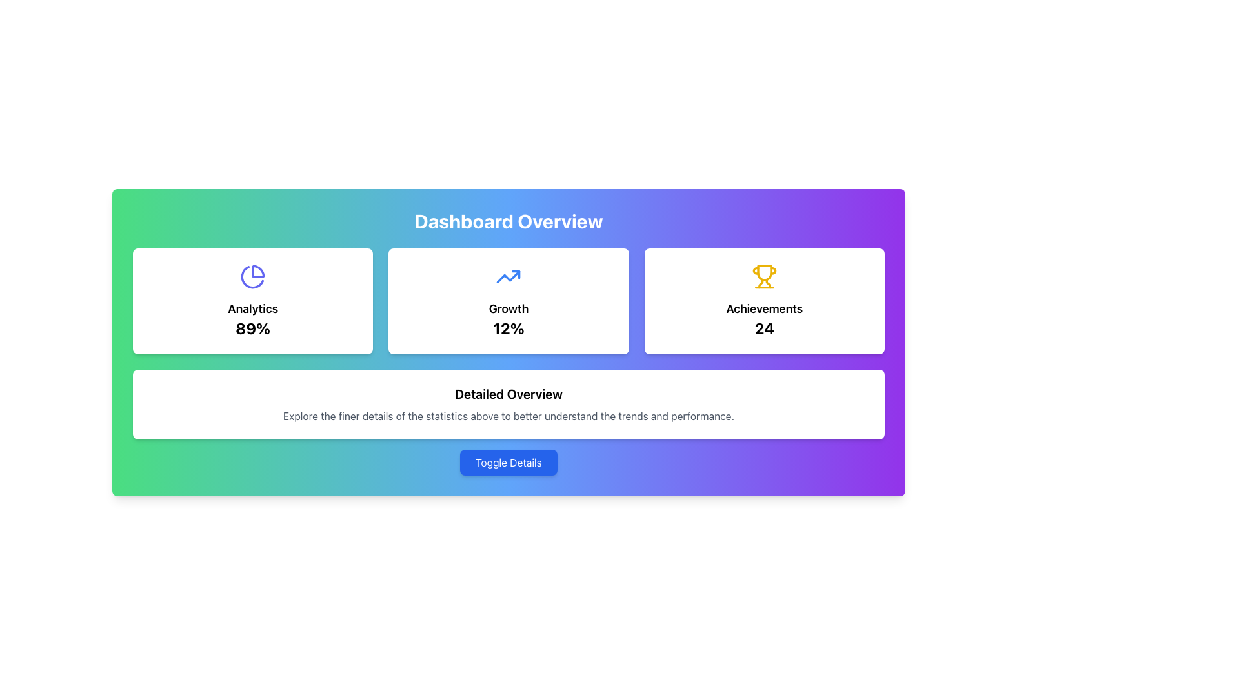 Image resolution: width=1239 pixels, height=697 pixels. Describe the element at coordinates (253, 328) in the screenshot. I see `the text display showing '89%' which is a prominent percentage indicator located beneath the 'Analytics' label in the leftmost white card` at that location.